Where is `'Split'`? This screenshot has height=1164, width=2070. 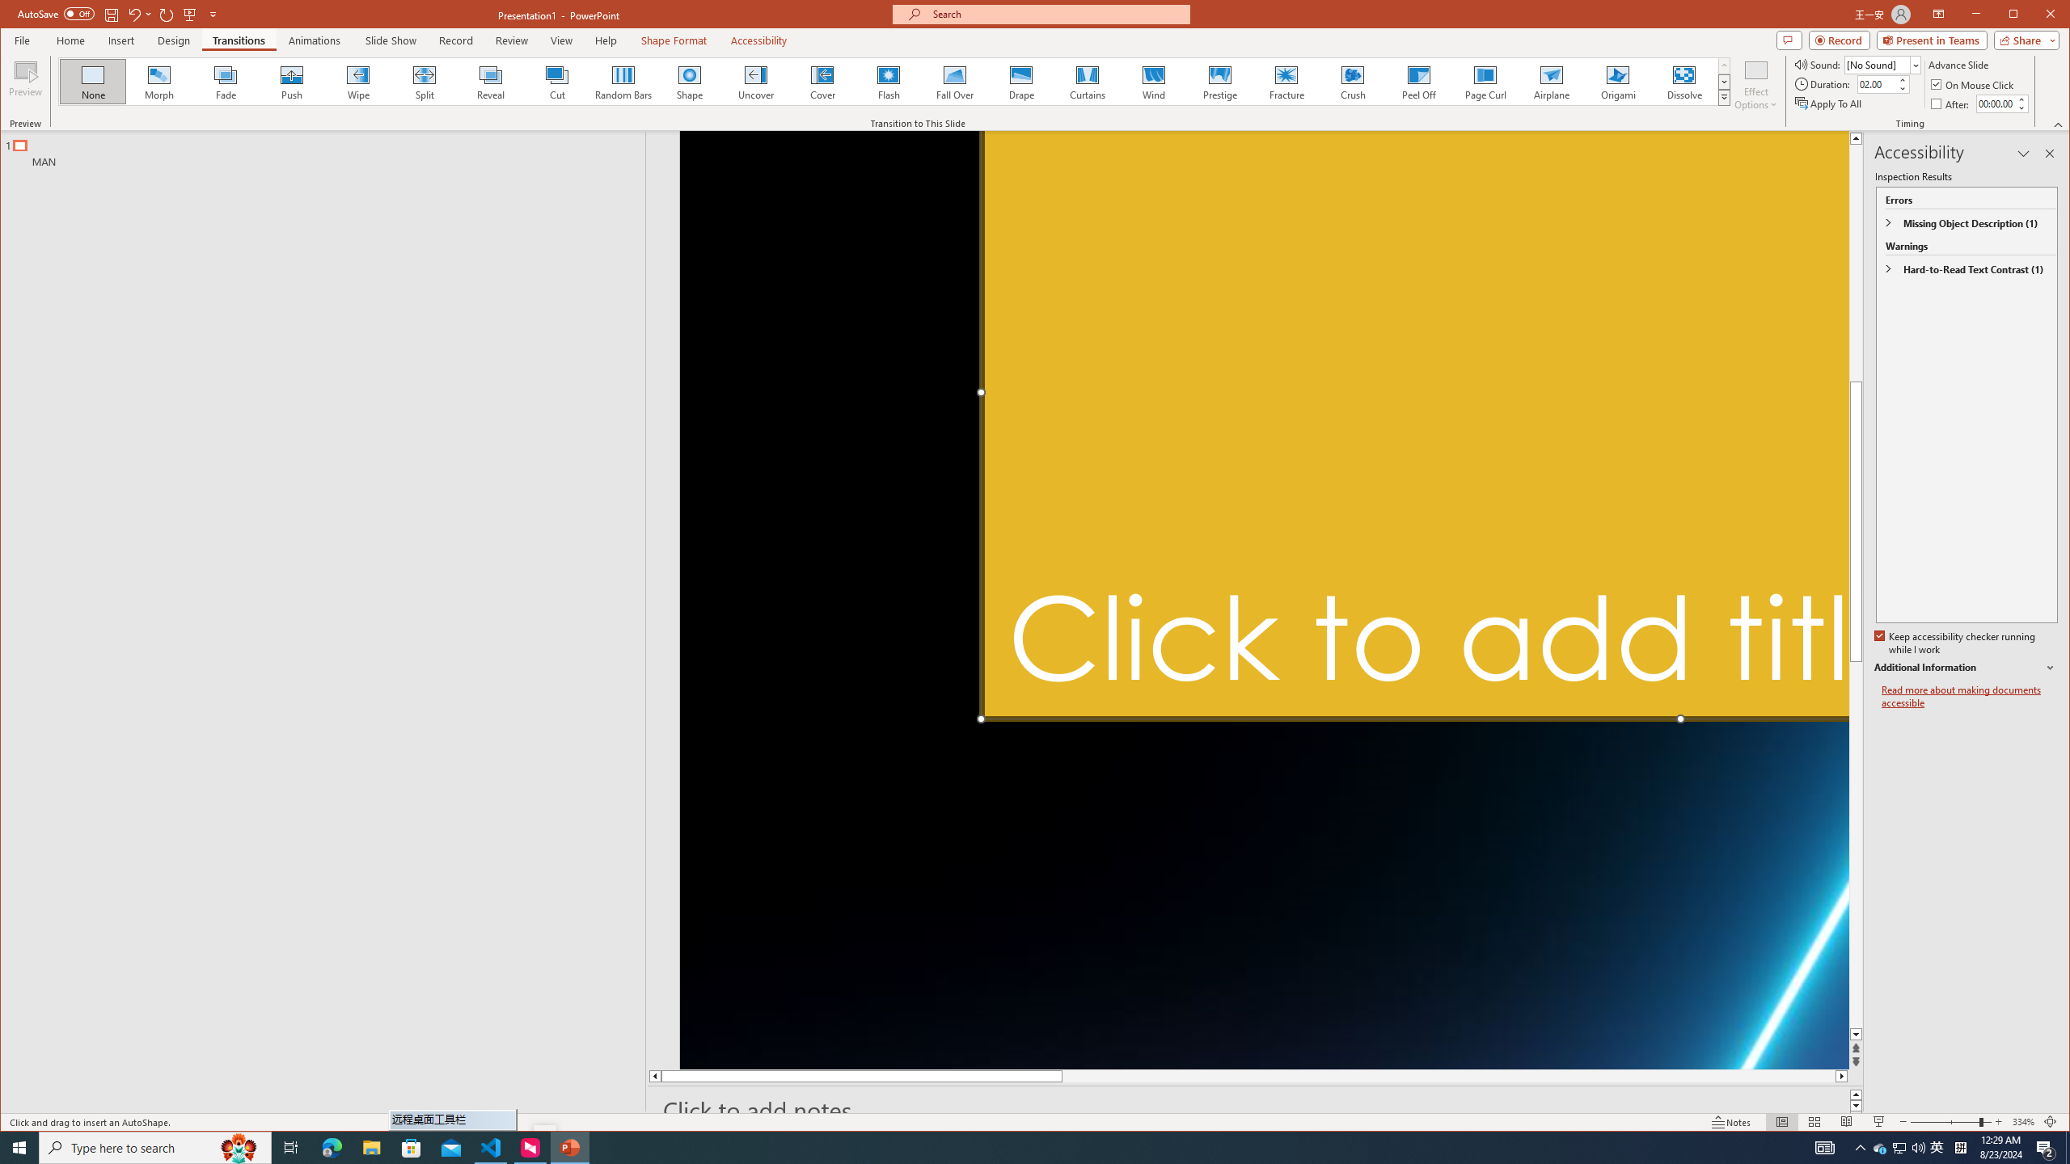
'Split' is located at coordinates (423, 81).